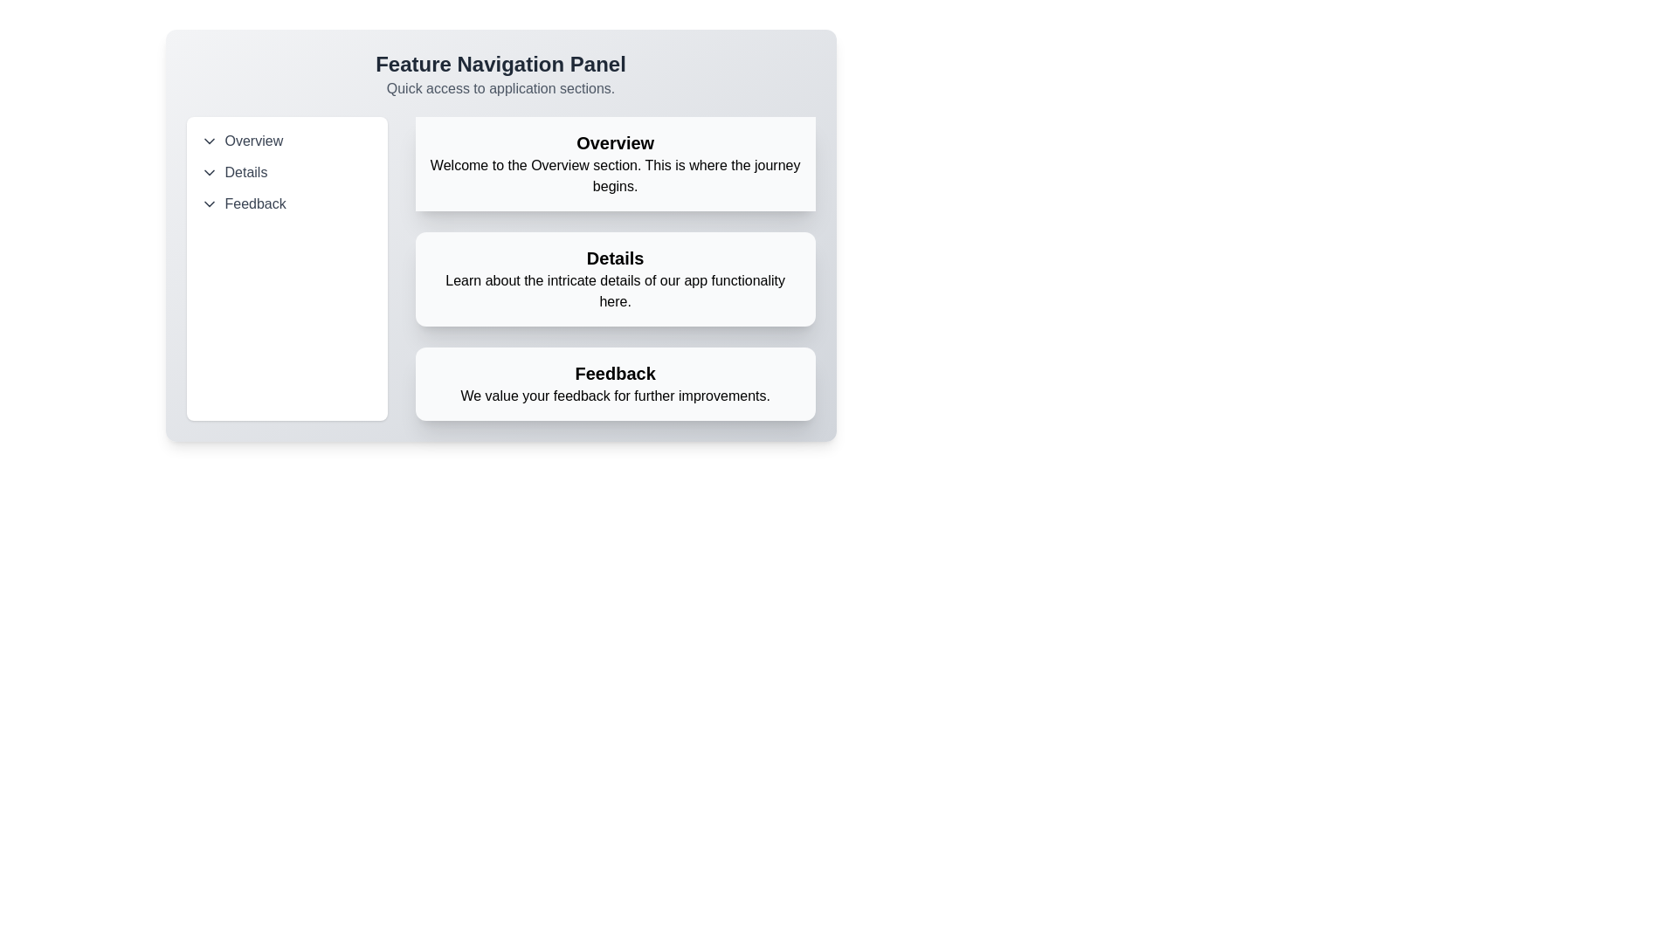 The width and height of the screenshot is (1677, 943). I want to click on the text element that states 'We value your feedback for further improvements.' located below the 'Feedback' heading in a light-gray card section, so click(615, 396).